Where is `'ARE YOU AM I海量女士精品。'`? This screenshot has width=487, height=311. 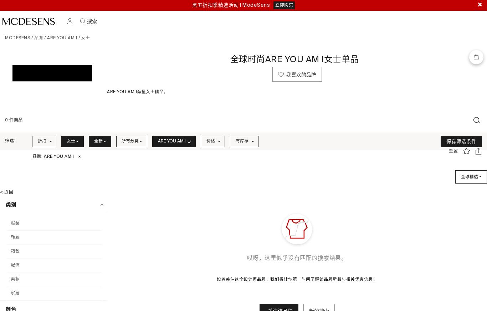
'ARE YOU AM I海量女士精品。' is located at coordinates (137, 92).